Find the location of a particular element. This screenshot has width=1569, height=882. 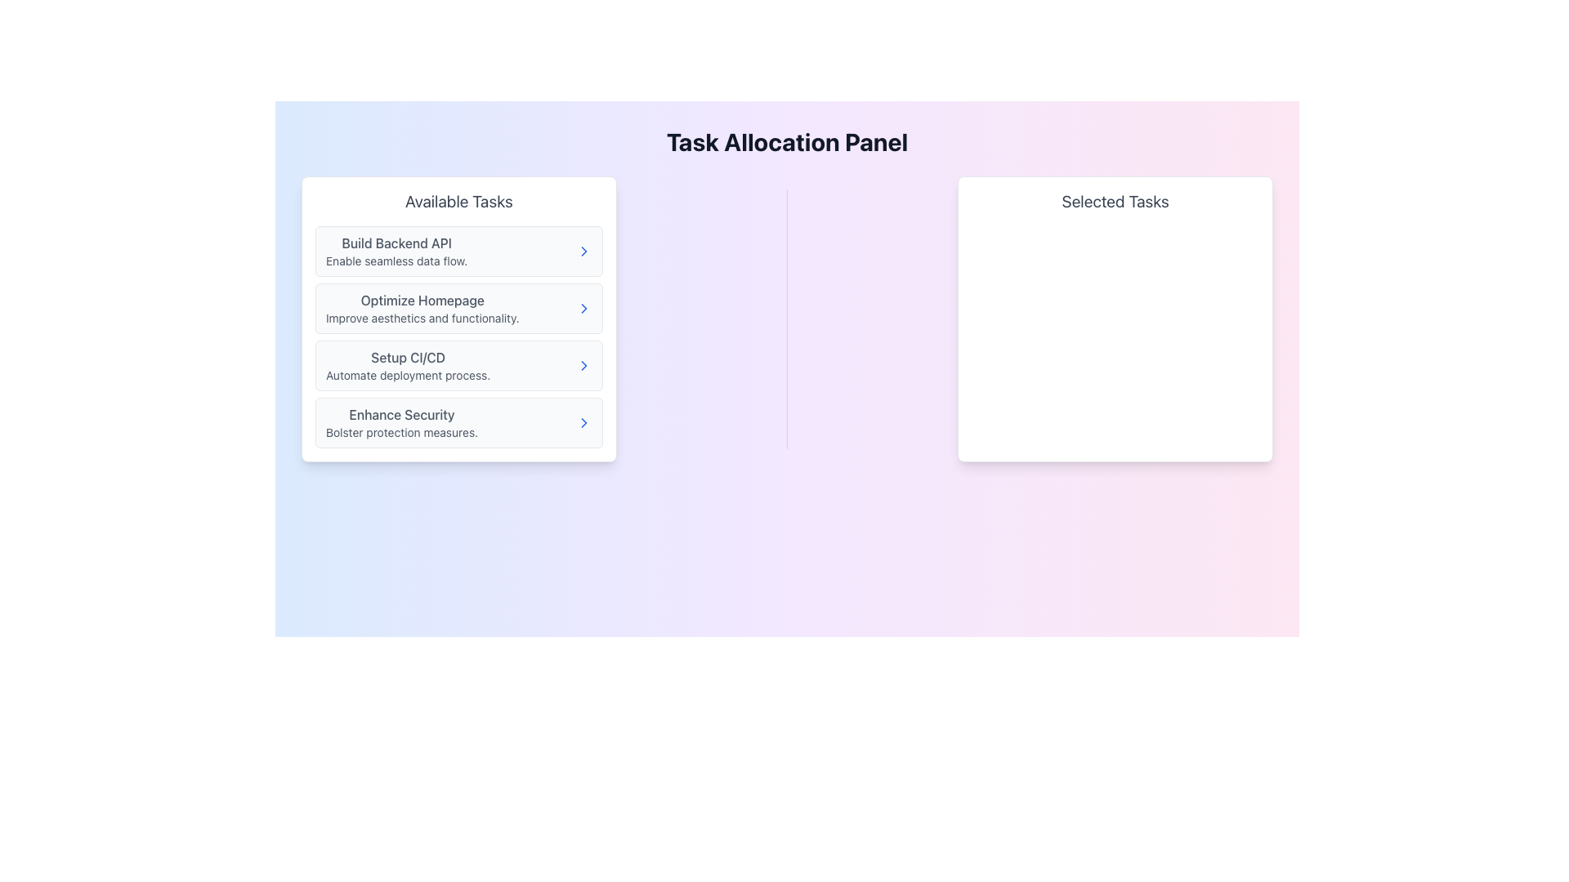

the chevron icon button on the right side of the list item labeled 'Build Backend API' is located at coordinates (583, 252).